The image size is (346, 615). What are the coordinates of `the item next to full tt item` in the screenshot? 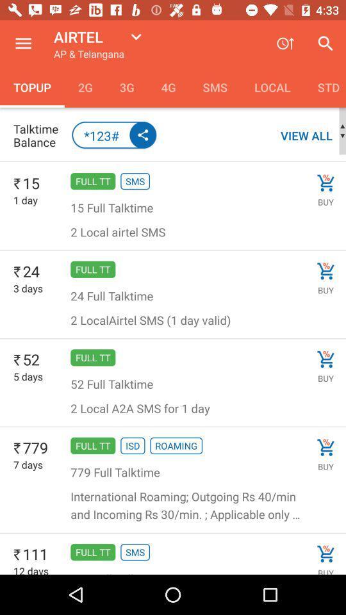 It's located at (28, 288).